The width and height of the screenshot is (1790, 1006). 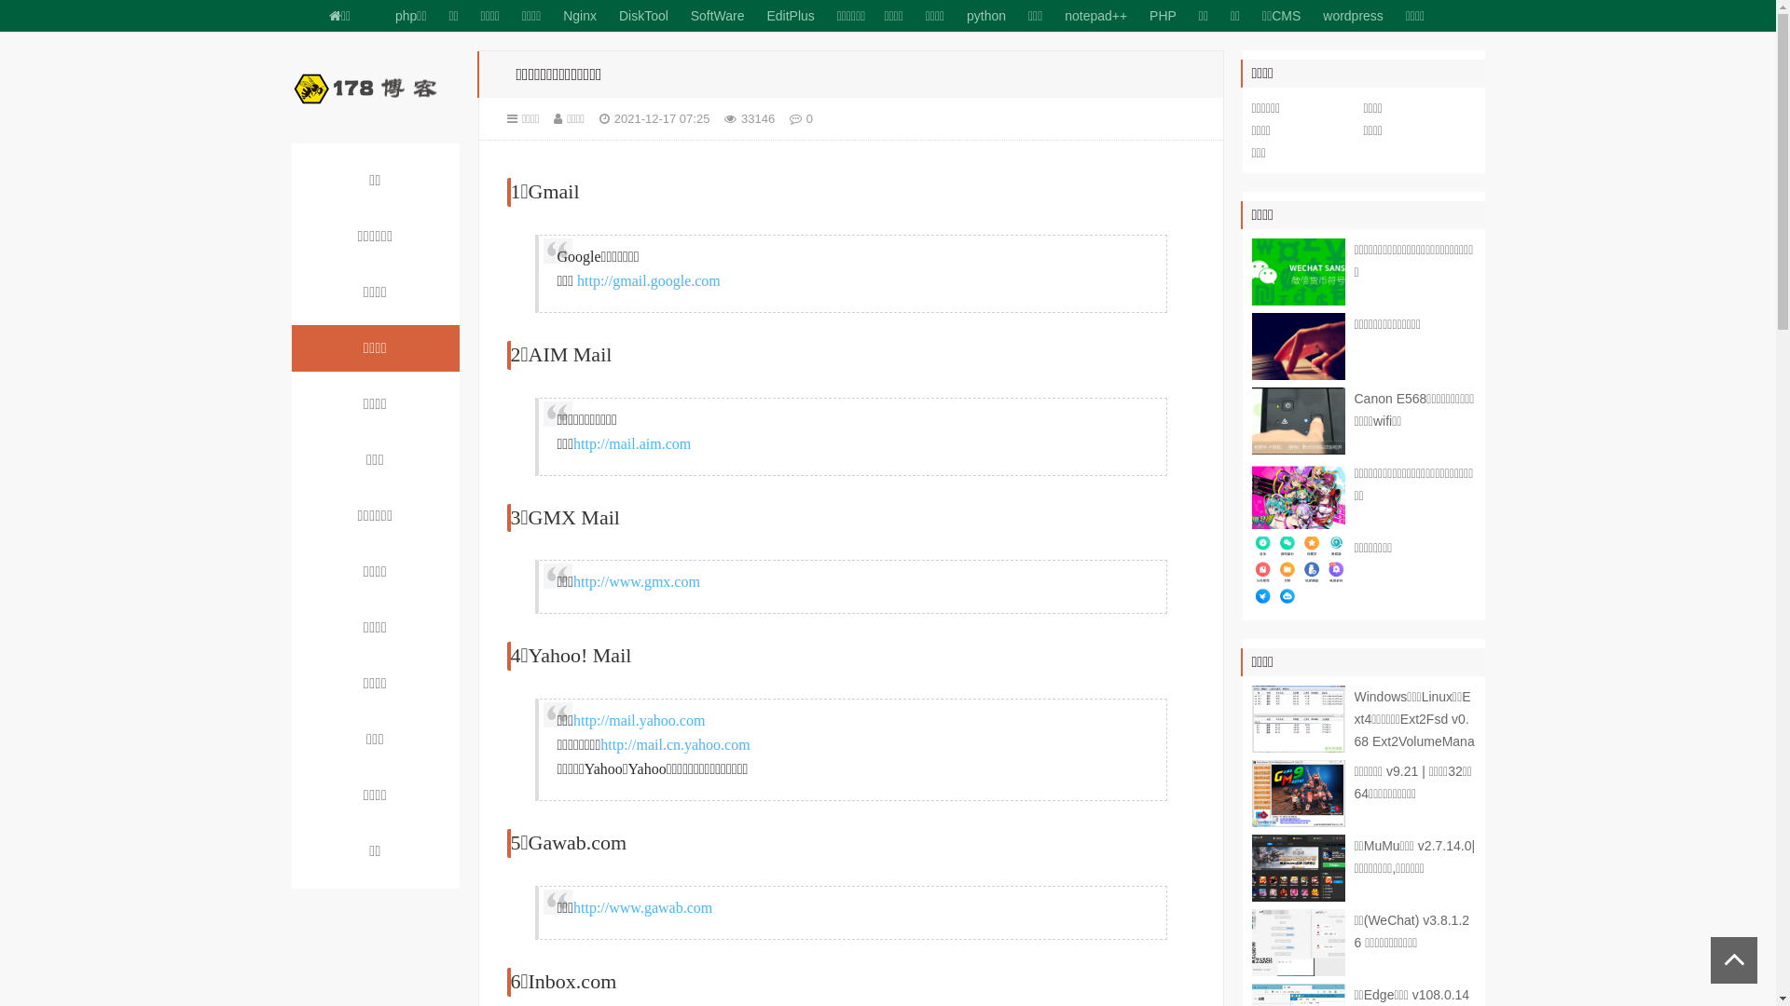 What do you see at coordinates (571, 580) in the screenshot?
I see `'http://www.gmx.com'` at bounding box center [571, 580].